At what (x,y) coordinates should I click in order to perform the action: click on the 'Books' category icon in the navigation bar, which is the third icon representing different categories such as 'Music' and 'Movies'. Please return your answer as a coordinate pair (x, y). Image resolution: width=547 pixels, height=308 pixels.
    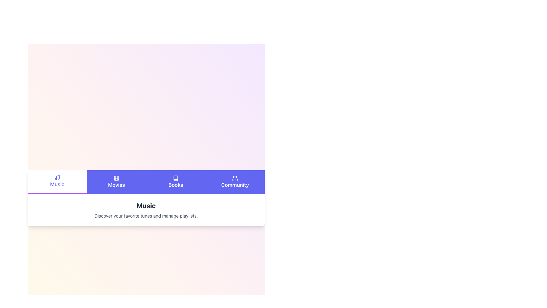
    Looking at the image, I should click on (175, 178).